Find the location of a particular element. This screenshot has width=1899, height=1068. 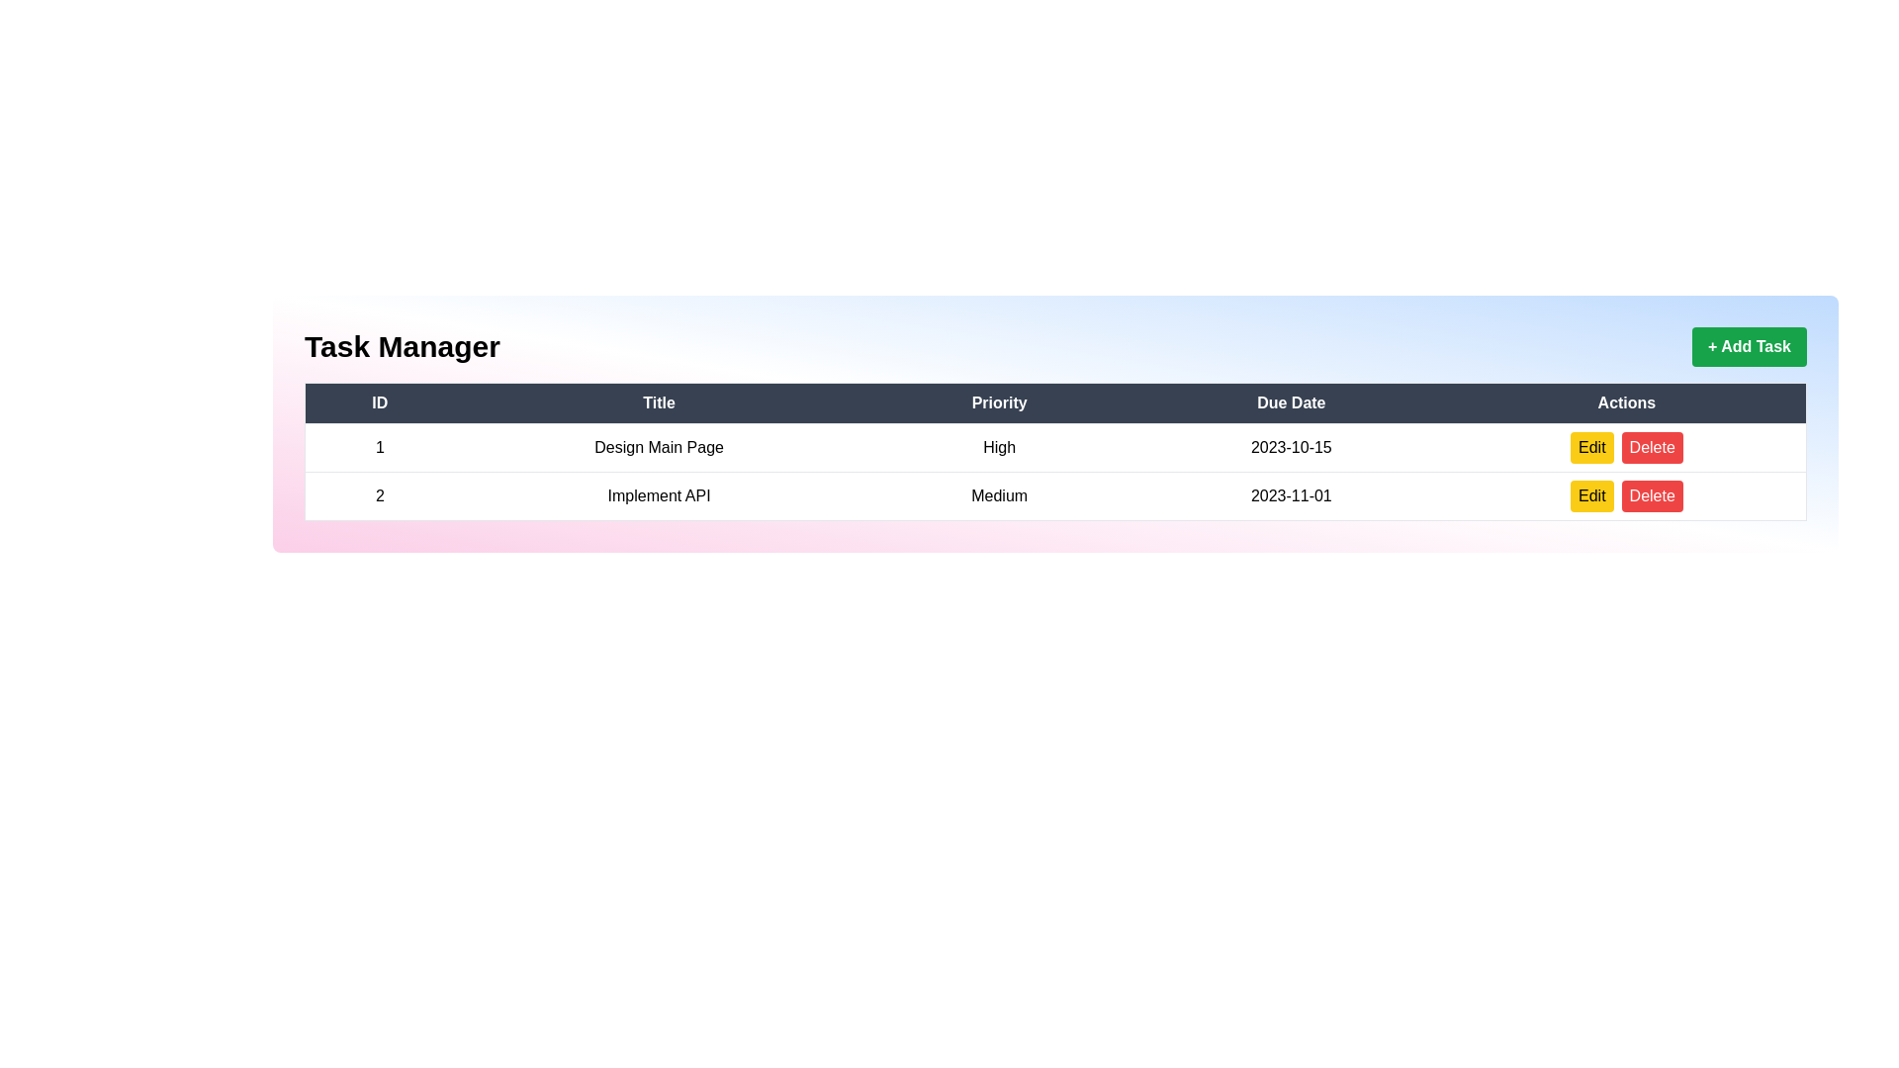

the delete button located to the right of the 'Edit' button in the 'Actions' column of the task management table is located at coordinates (1652, 447).